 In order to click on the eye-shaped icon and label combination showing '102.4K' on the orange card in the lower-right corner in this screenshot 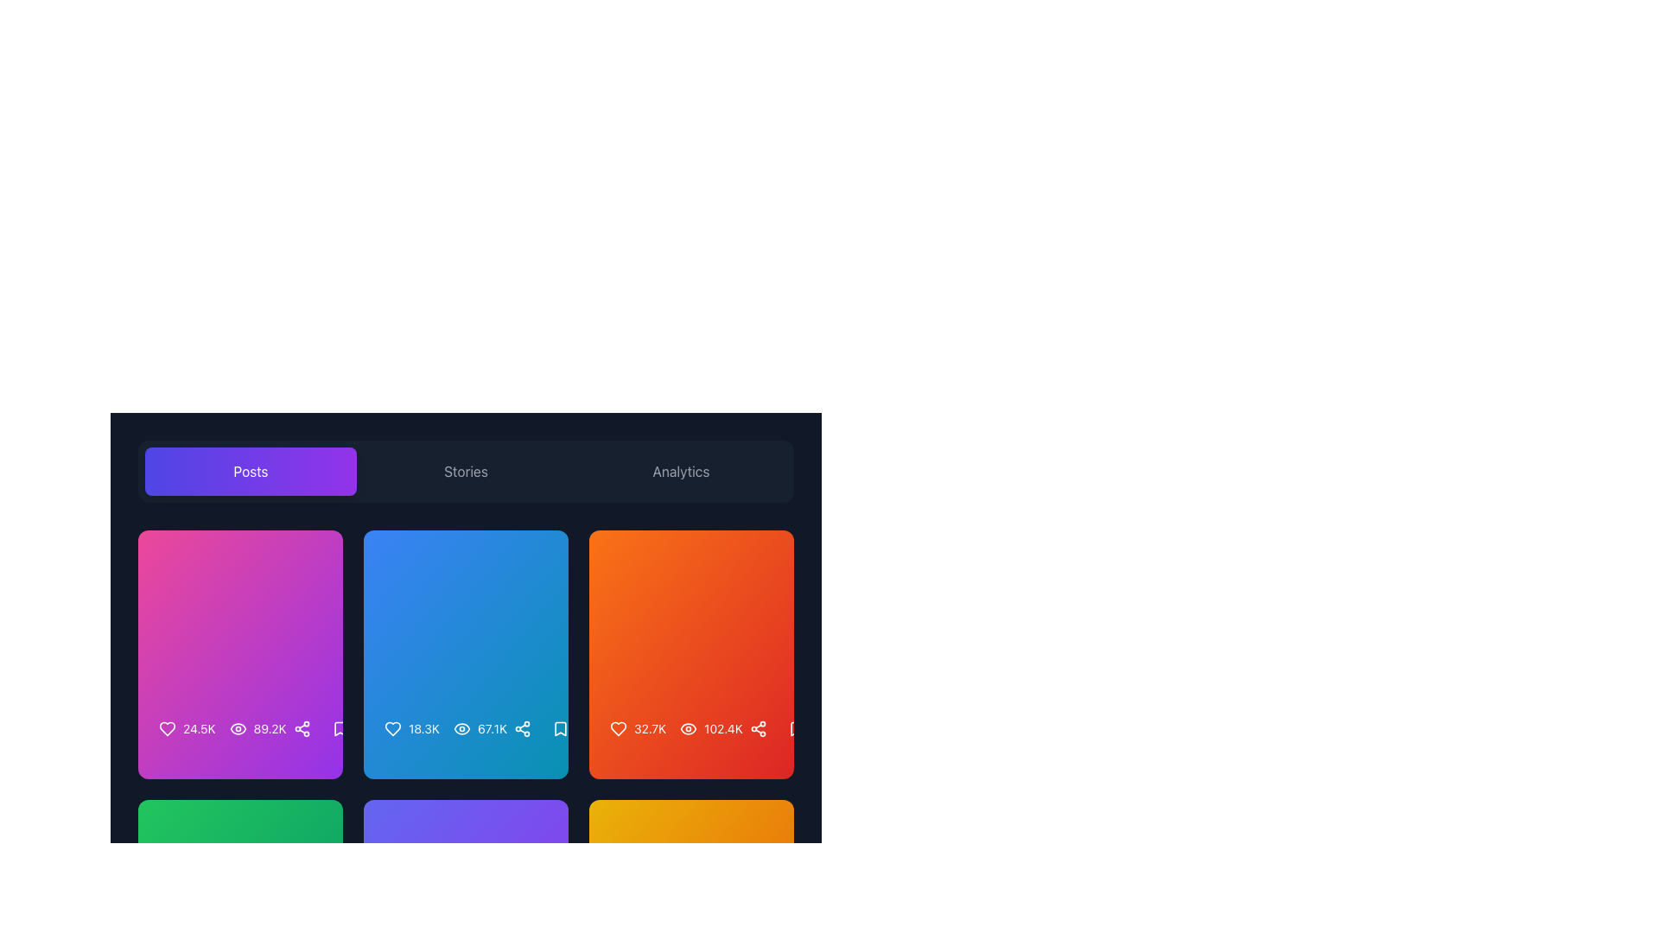, I will do `click(711, 729)`.